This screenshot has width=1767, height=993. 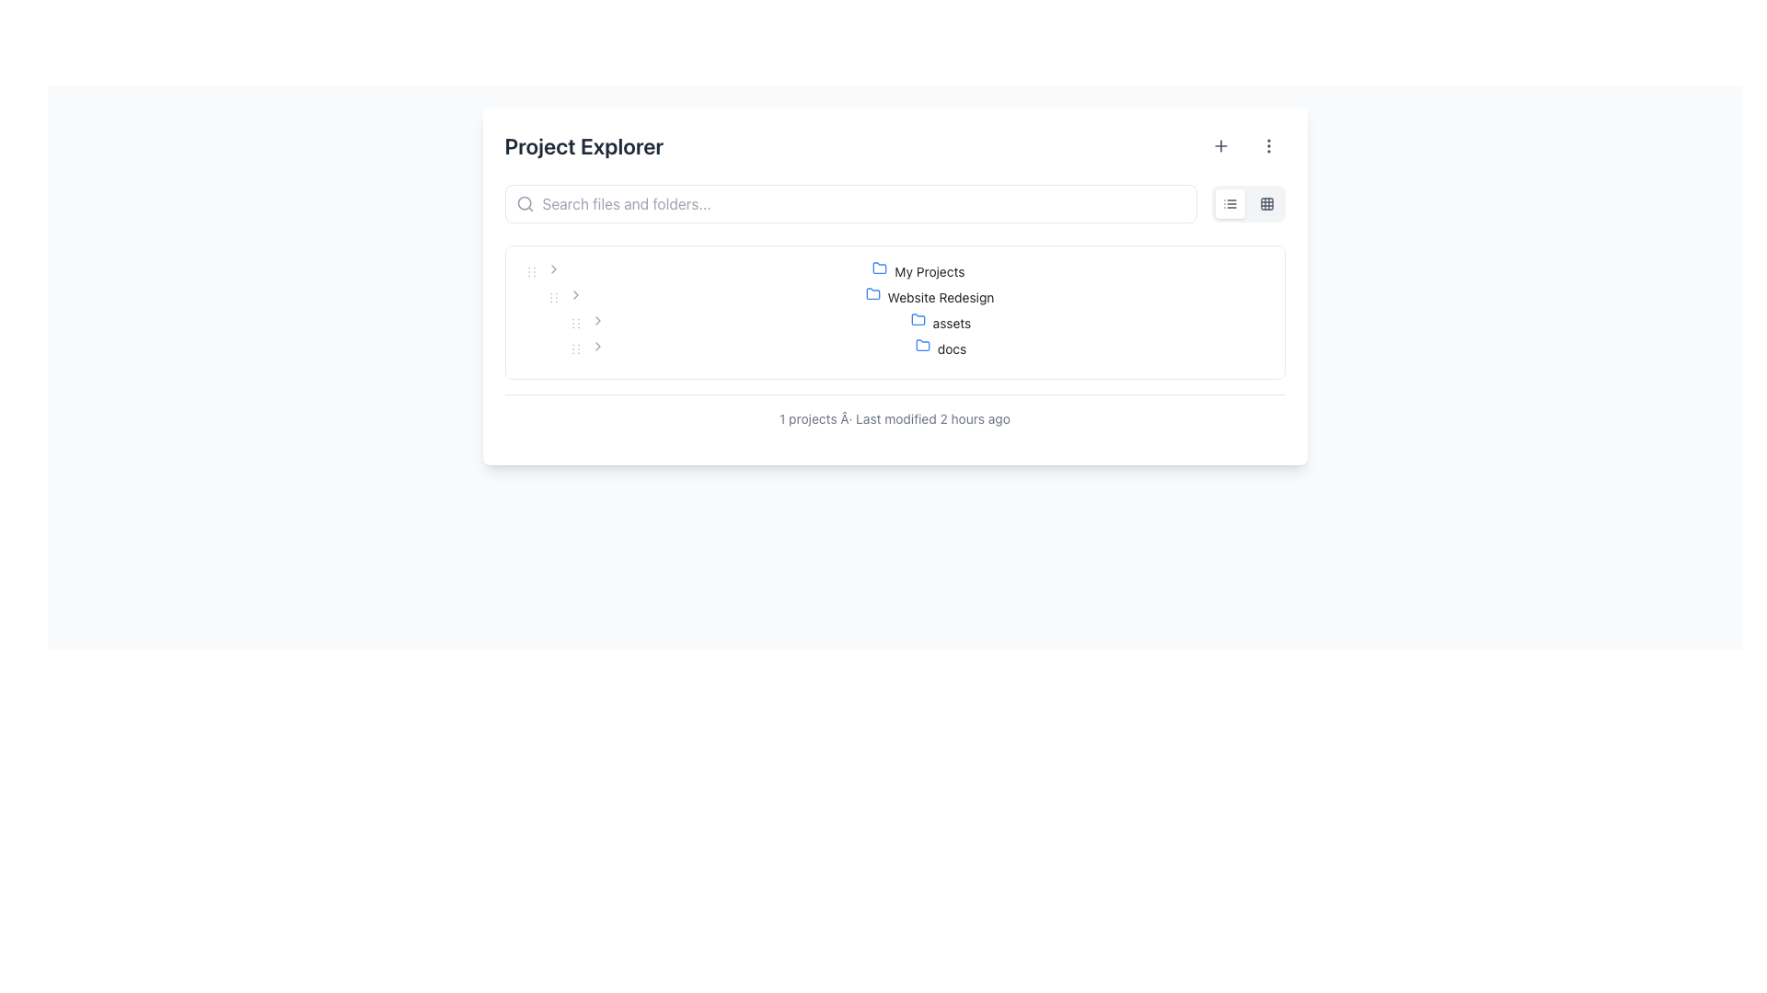 I want to click on the collapsed 'assets' tree node with a blue folder icon, so click(x=941, y=322).